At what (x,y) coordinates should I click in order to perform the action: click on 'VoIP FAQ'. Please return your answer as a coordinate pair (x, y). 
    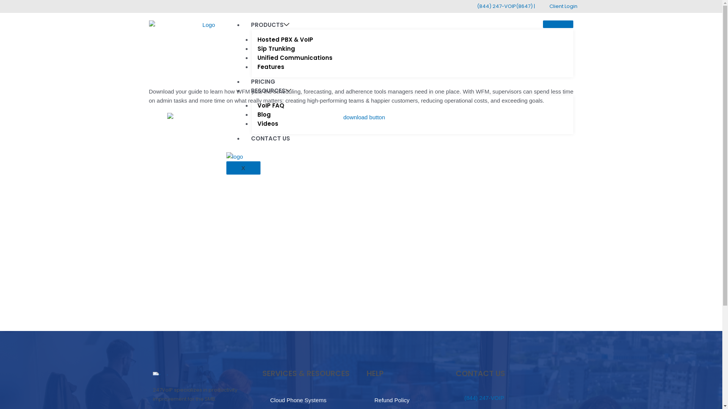
    Looking at the image, I should click on (251, 105).